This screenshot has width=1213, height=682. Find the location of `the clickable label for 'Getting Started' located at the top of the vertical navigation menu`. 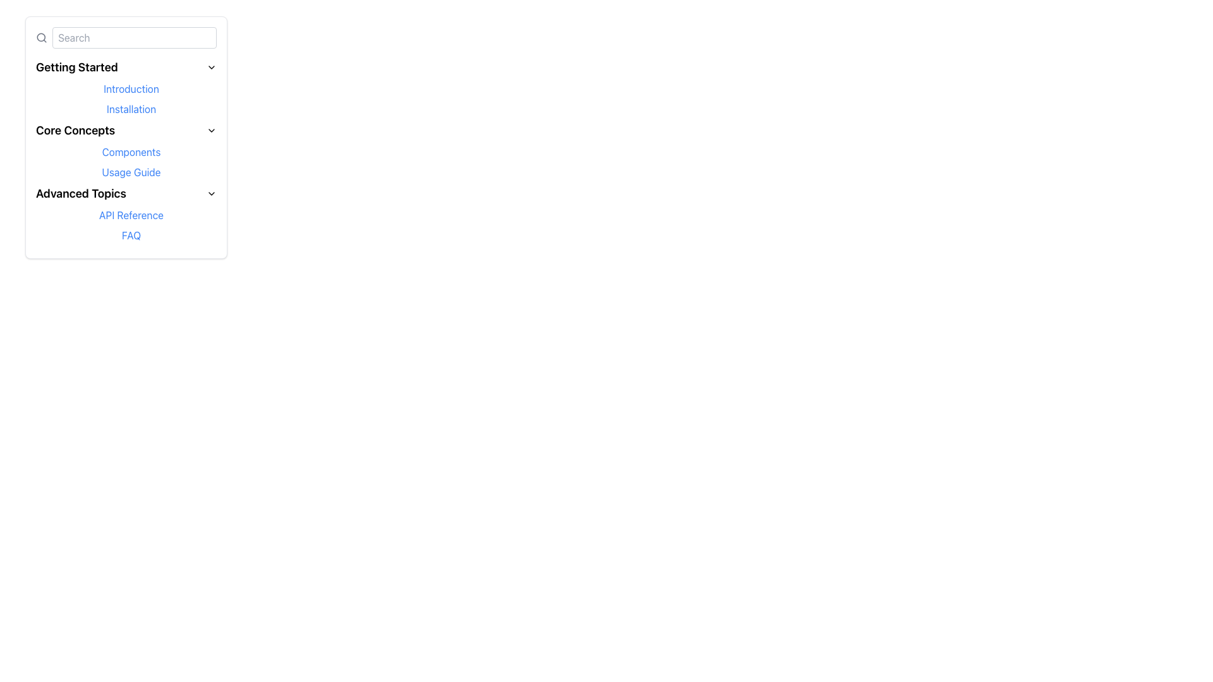

the clickable label for 'Getting Started' located at the top of the vertical navigation menu is located at coordinates (76, 68).